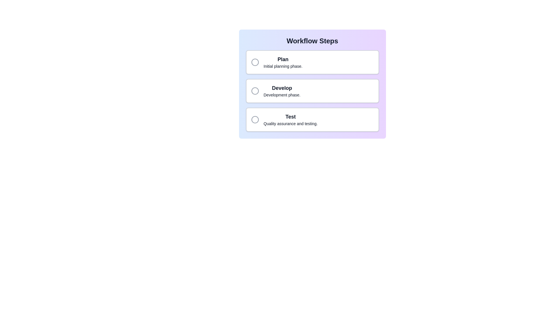 Image resolution: width=551 pixels, height=310 pixels. What do you see at coordinates (283, 62) in the screenshot?
I see `the Text display element titled 'Plan', which features a larger bold title and a smaller subtitle 'Initial planning phase', located at the top of the vertical list in the 'Workflow Steps' card section` at bounding box center [283, 62].